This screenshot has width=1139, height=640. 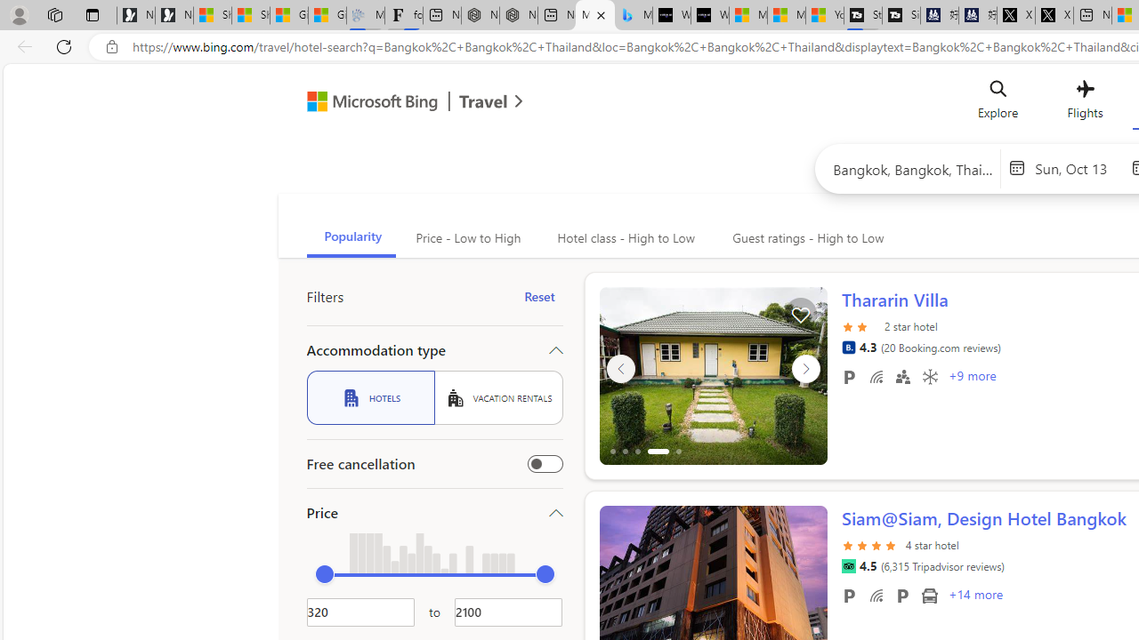 What do you see at coordinates (351, 237) in the screenshot?
I see `'Popularity'` at bounding box center [351, 237].